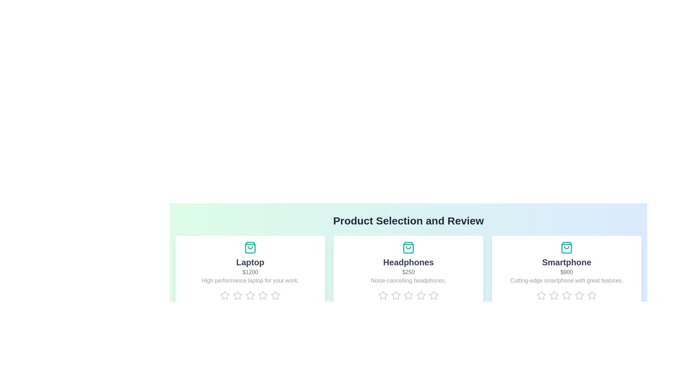 The height and width of the screenshot is (380, 675). What do you see at coordinates (275, 296) in the screenshot?
I see `the rating for a product to 5 stars by clicking on the corresponding star icon` at bounding box center [275, 296].